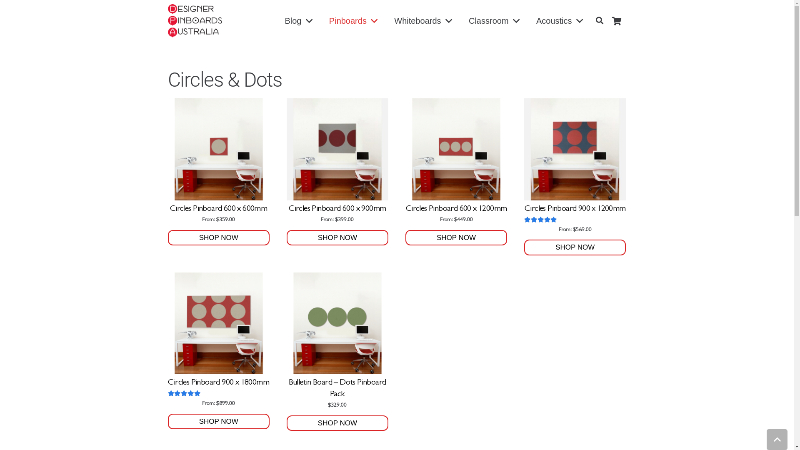 Image resolution: width=800 pixels, height=450 pixels. Describe the element at coordinates (337, 161) in the screenshot. I see `'Circles Pinboard 600 x 900mm` at that location.